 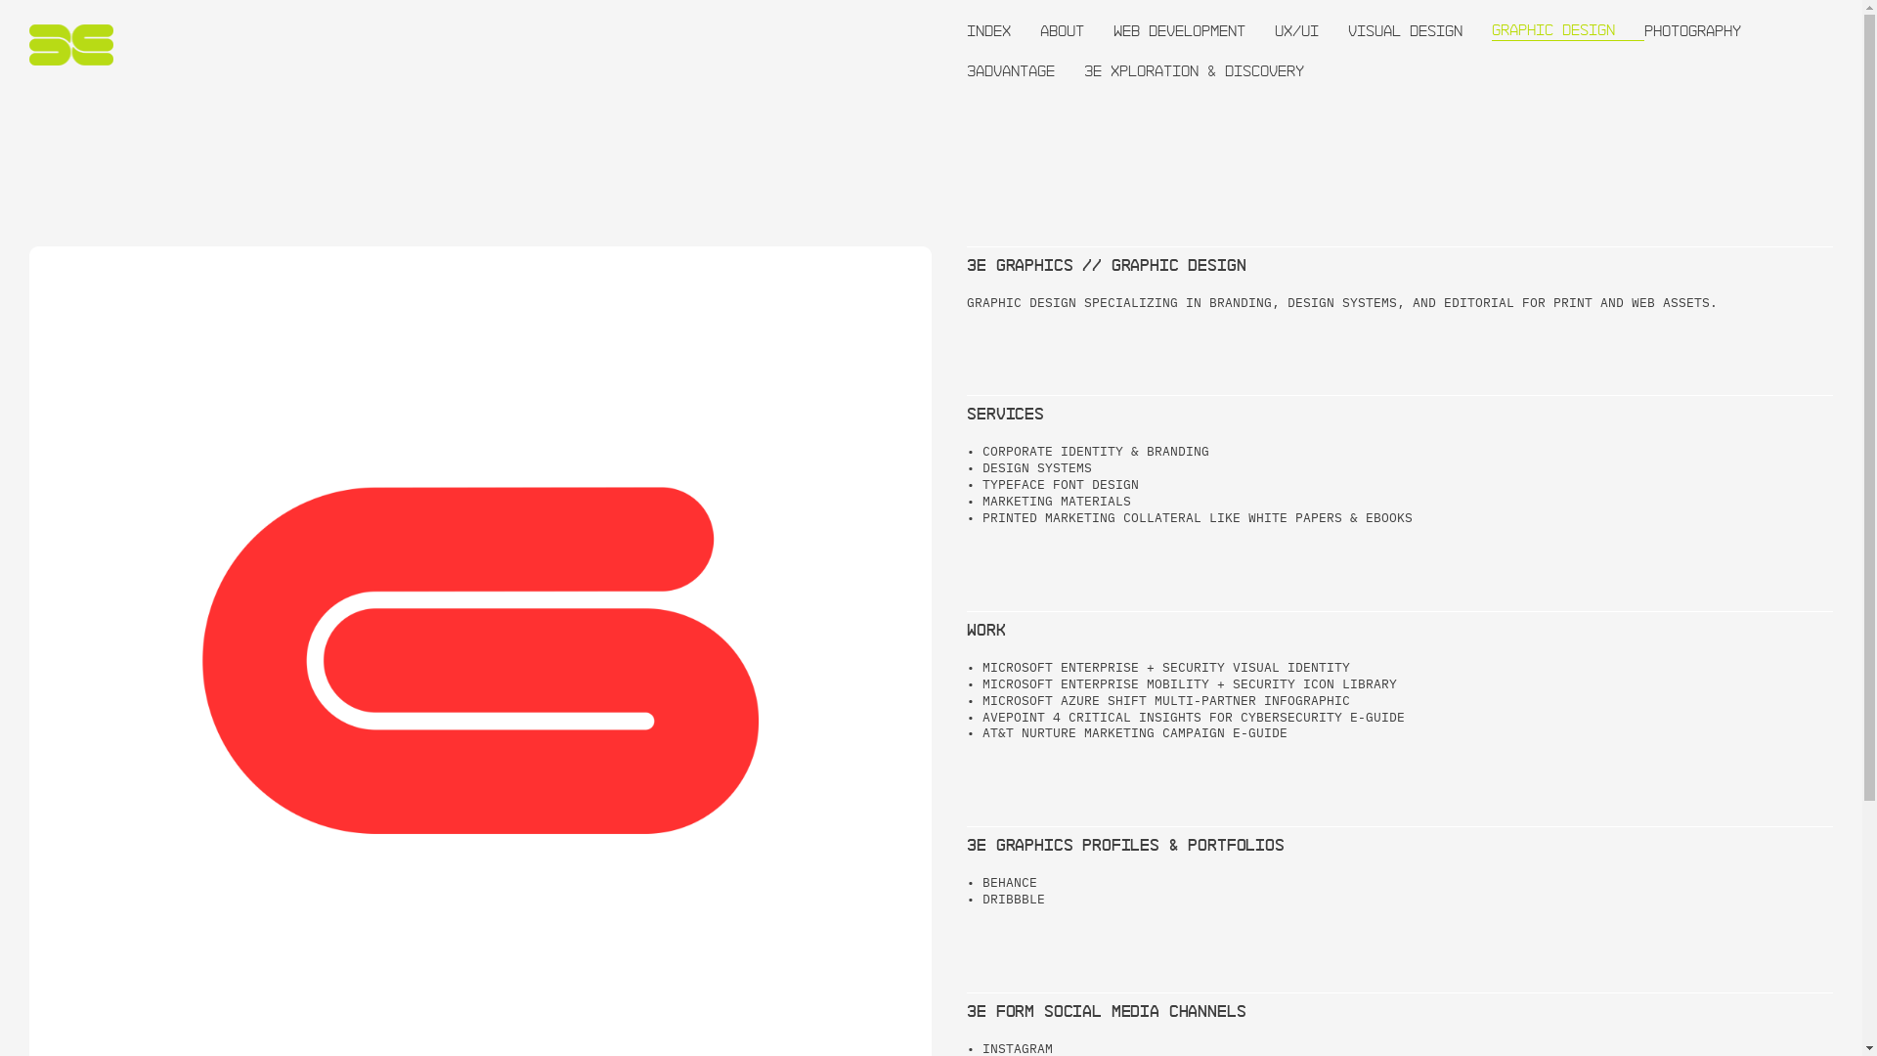 What do you see at coordinates (1025, 60) in the screenshot?
I see `'3ADVANTAGE'` at bounding box center [1025, 60].